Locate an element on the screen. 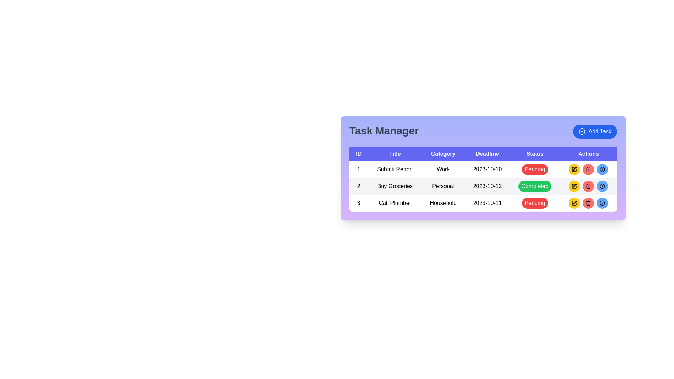  the 'Add Task' button located on the right side of the 'Task Manager' section is located at coordinates (595, 131).